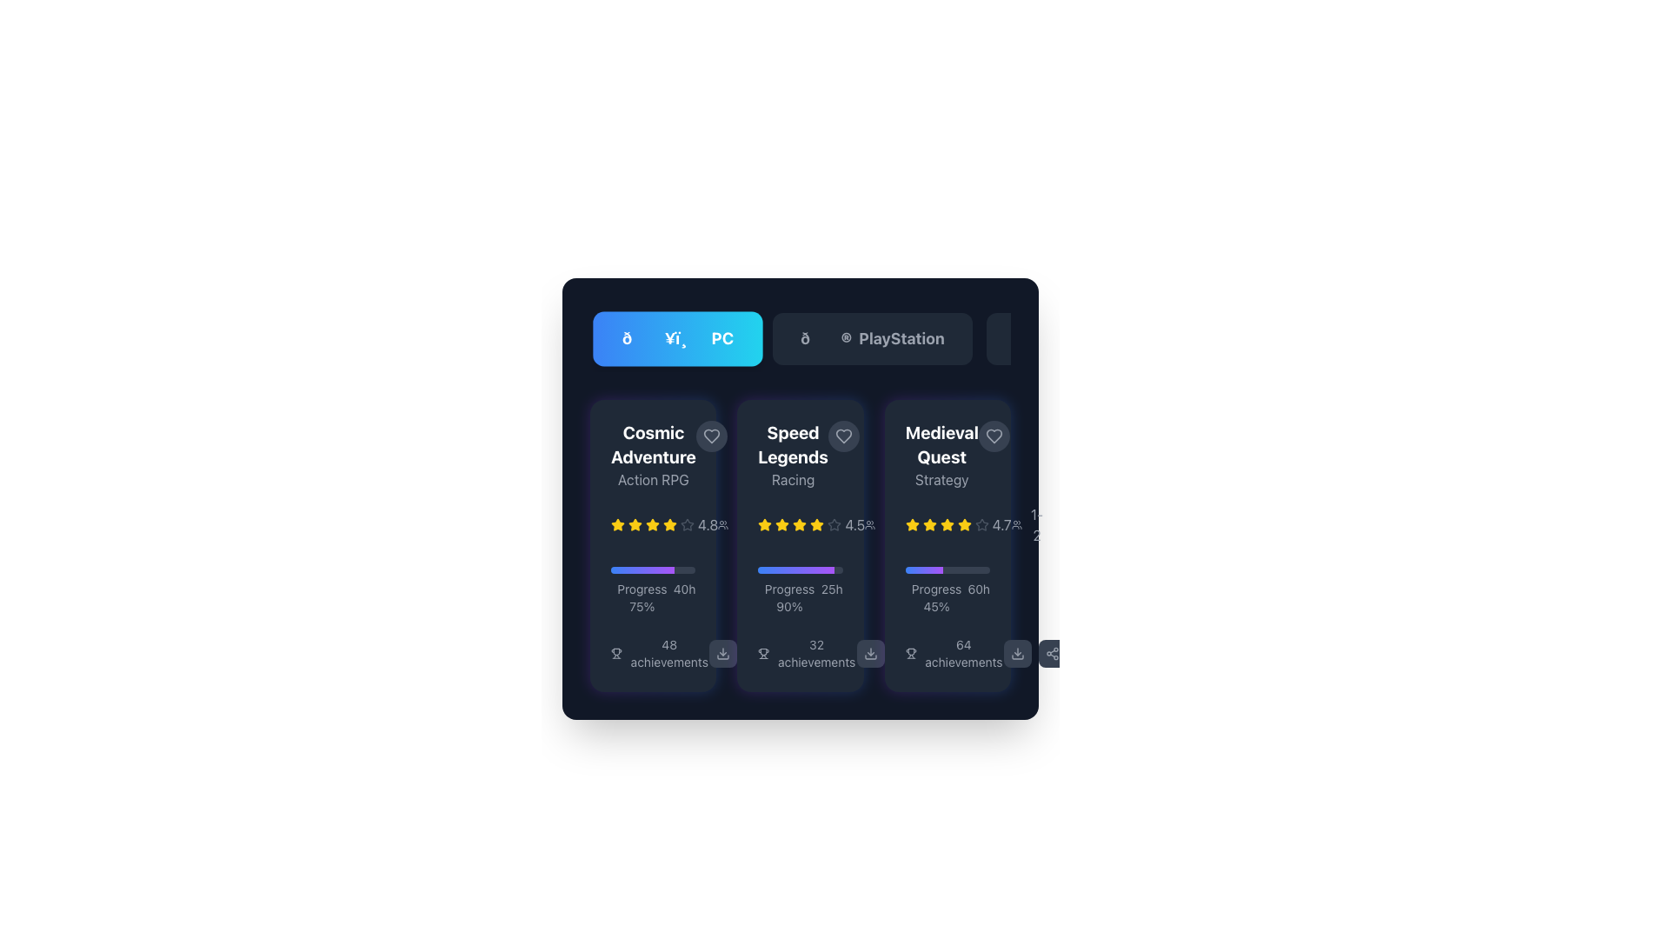 The image size is (1669, 939). What do you see at coordinates (711, 435) in the screenshot?
I see `the heart-shaped SVG icon located at the top-right section of the 'Cosmic Adventure' game card` at bounding box center [711, 435].